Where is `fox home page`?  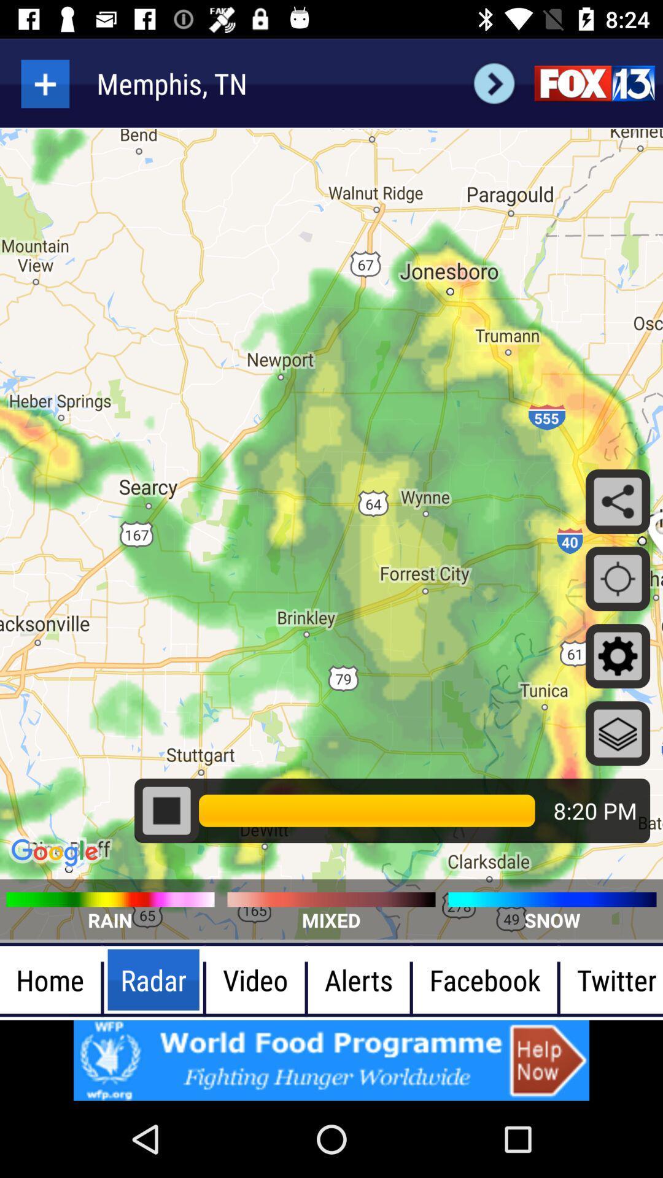 fox home page is located at coordinates (594, 83).